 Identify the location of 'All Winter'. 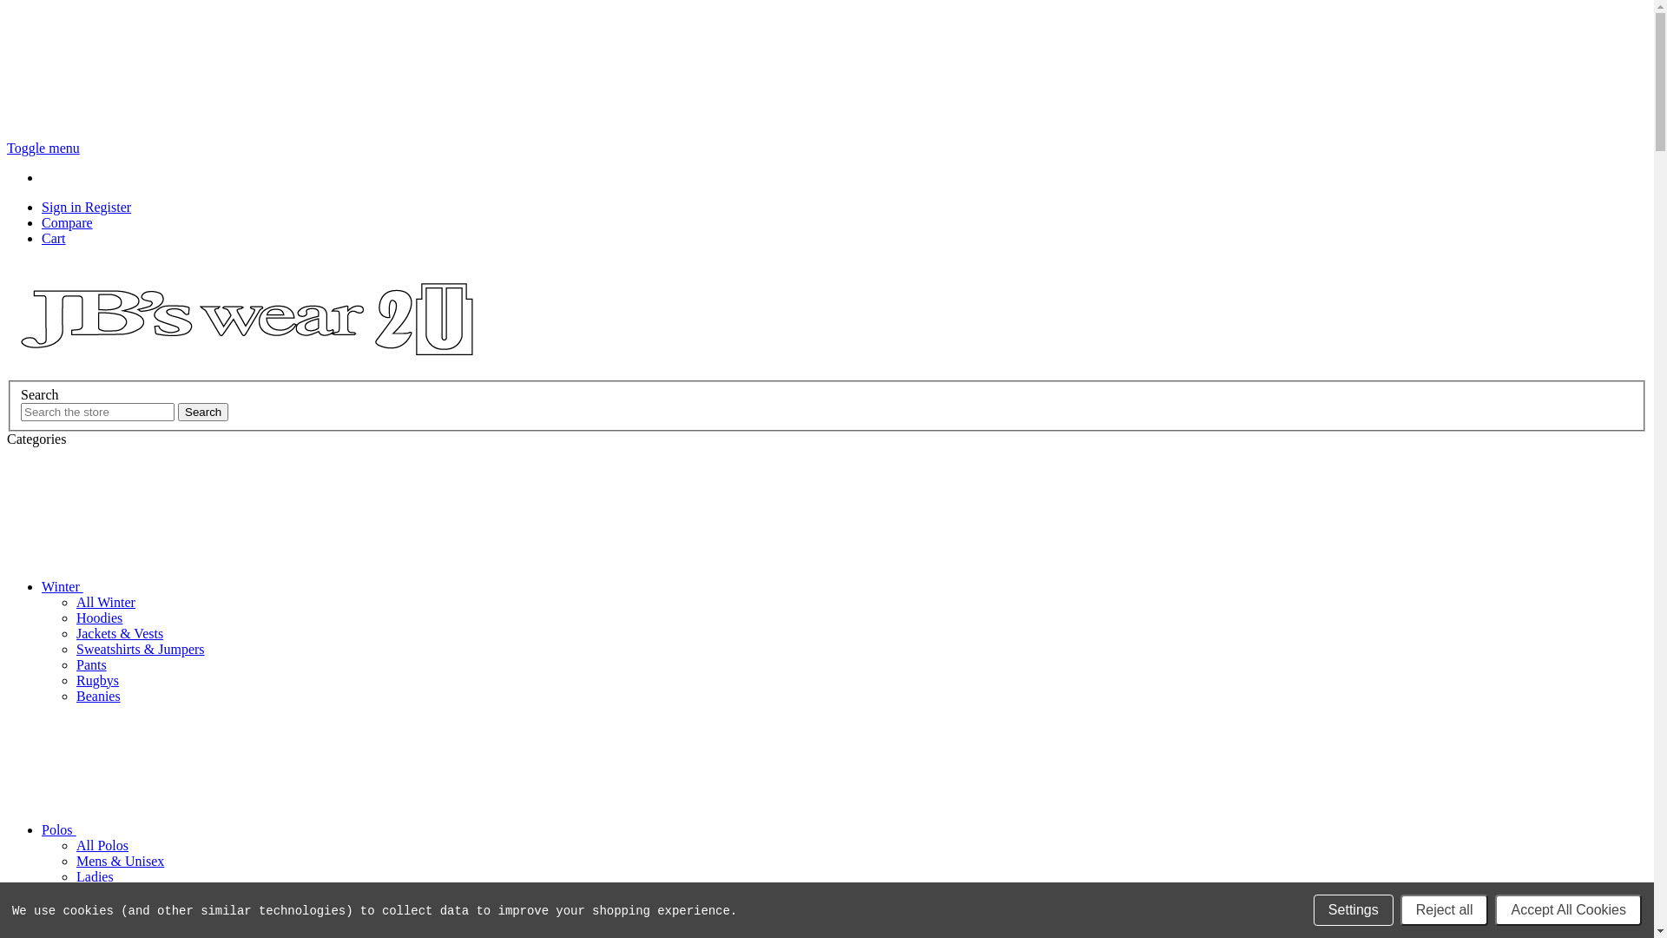
(104, 601).